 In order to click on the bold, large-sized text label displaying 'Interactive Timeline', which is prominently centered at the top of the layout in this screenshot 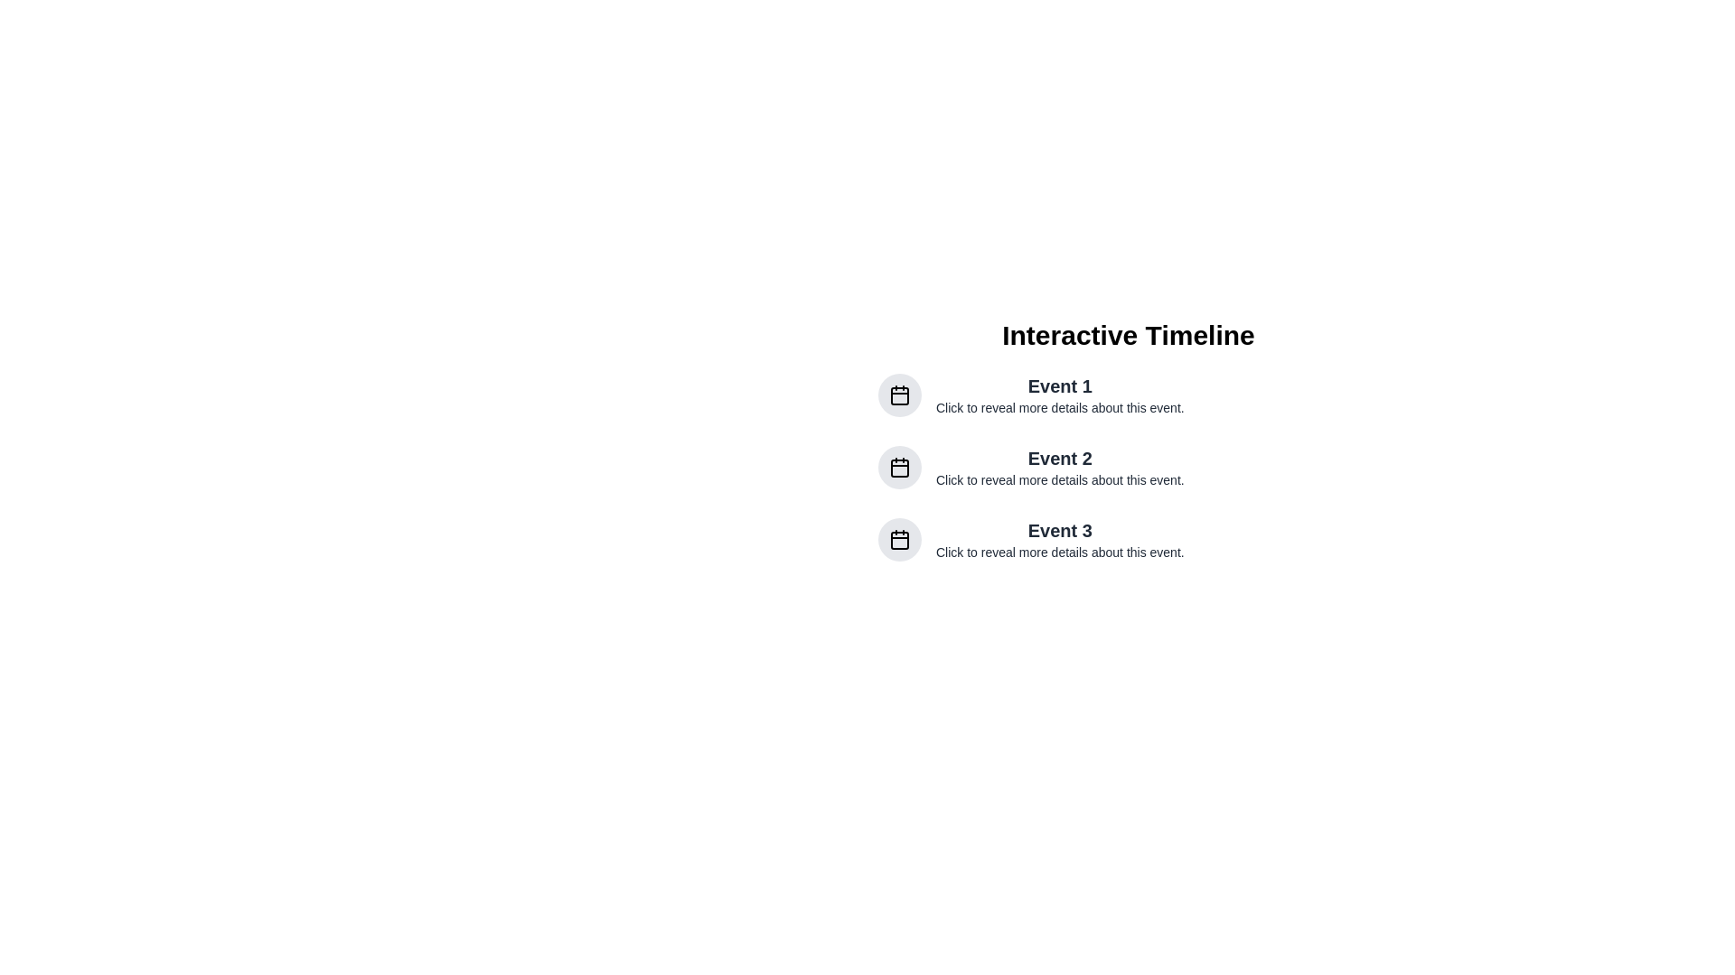, I will do `click(1127, 335)`.